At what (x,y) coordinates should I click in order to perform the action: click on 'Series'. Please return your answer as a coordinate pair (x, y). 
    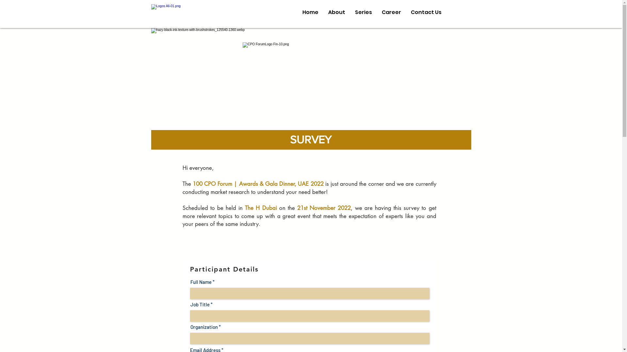
    Looking at the image, I should click on (363, 12).